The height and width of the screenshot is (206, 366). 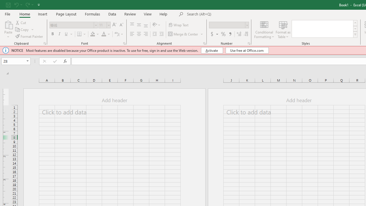 I want to click on 'Borders', so click(x=81, y=34).